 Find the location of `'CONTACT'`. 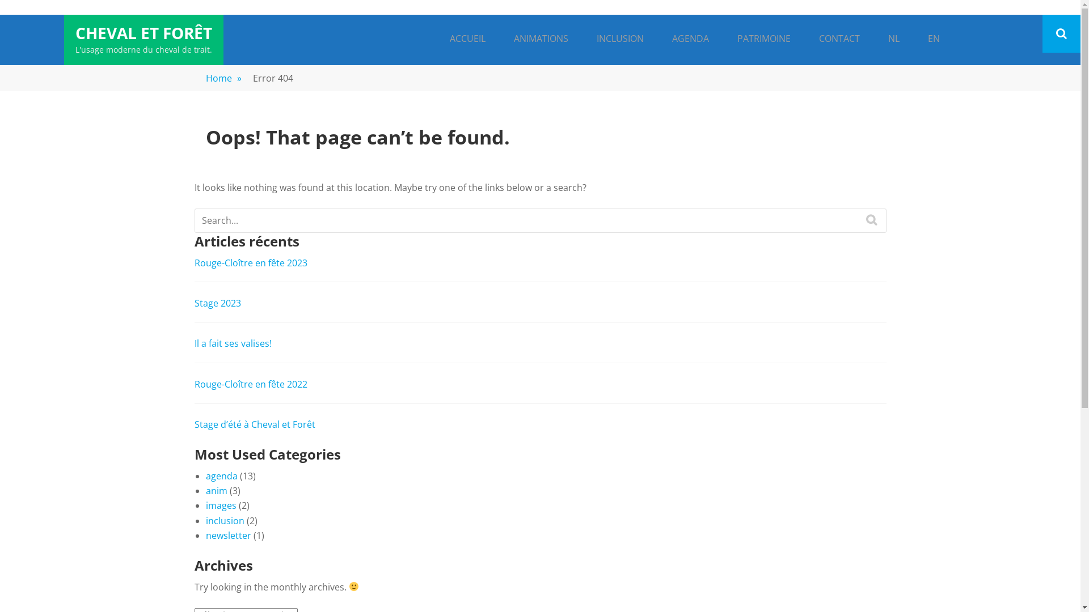

'CONTACT' is located at coordinates (838, 39).